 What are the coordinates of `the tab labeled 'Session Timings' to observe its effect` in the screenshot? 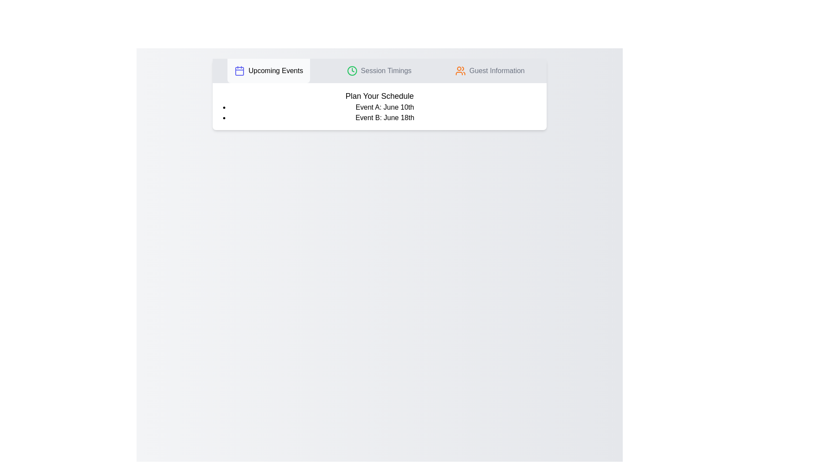 It's located at (379, 70).